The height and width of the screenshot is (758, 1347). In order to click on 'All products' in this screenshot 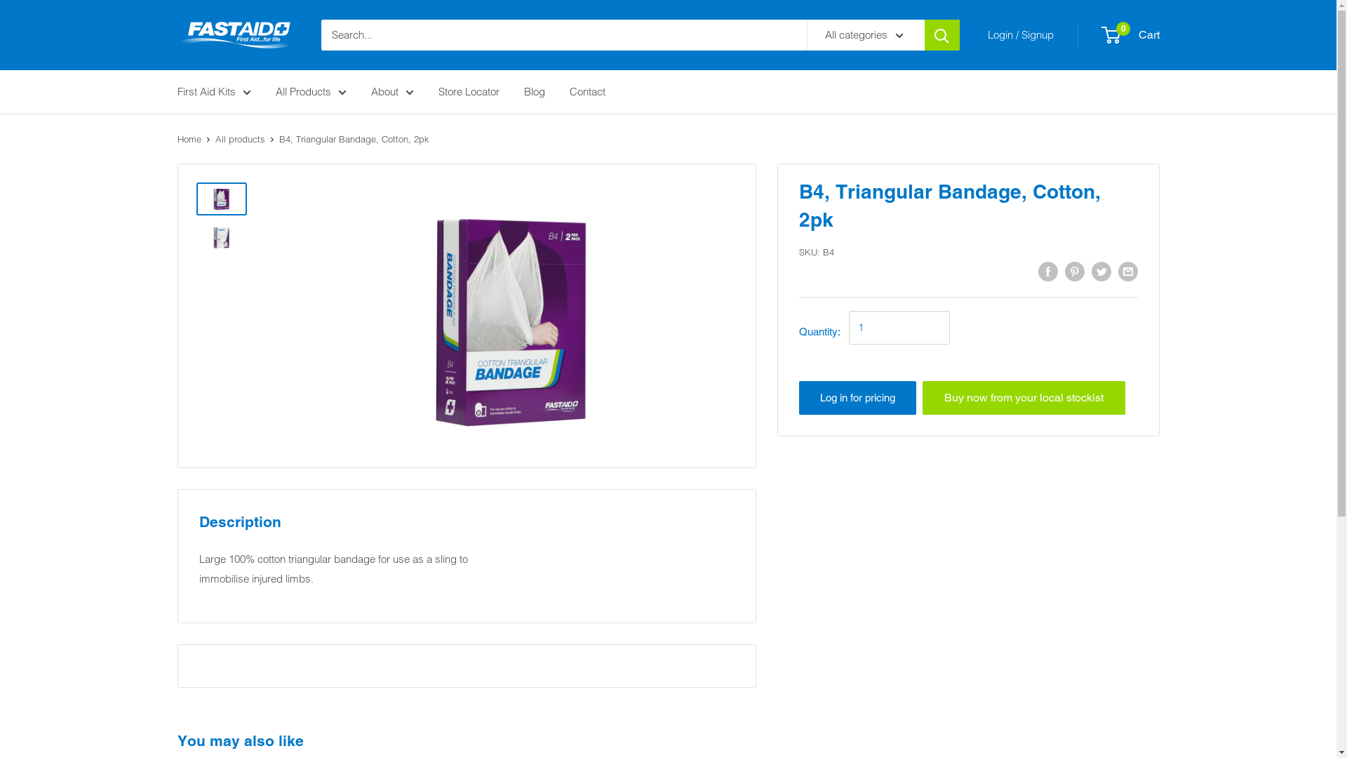, I will do `click(214, 138)`.